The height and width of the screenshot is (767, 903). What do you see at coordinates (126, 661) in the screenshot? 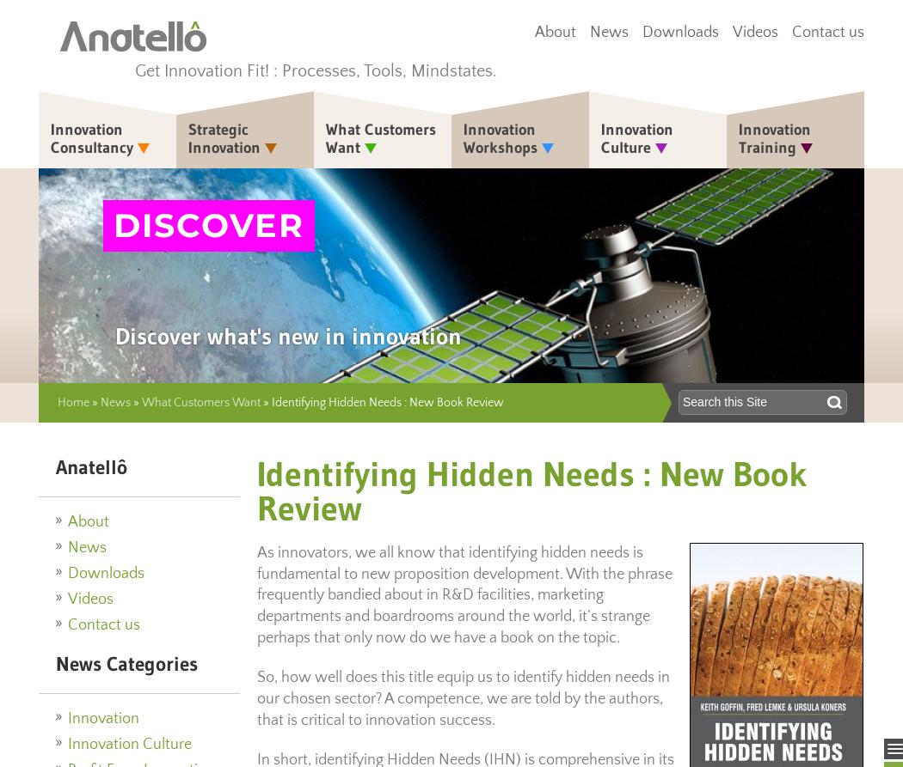
I see `'News Categories'` at bounding box center [126, 661].